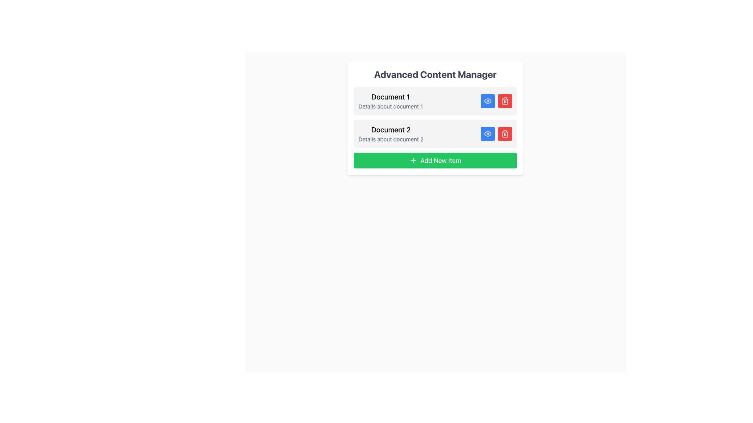  What do you see at coordinates (413, 160) in the screenshot?
I see `the plus icon located to the left of the 'Add New Item' text inside the green button at the bottom of the document management section` at bounding box center [413, 160].